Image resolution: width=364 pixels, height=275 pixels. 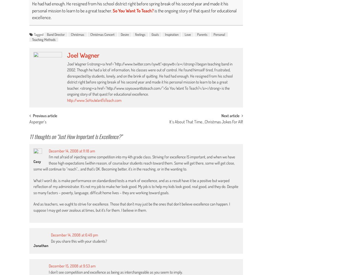 What do you see at coordinates (44, 136) in the screenshot?
I see `'11 thoughts on “'` at bounding box center [44, 136].